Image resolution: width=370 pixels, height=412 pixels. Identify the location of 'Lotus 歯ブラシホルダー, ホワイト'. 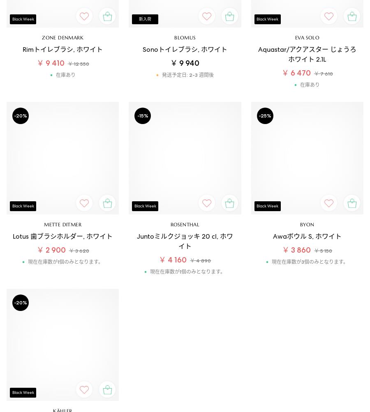
(62, 235).